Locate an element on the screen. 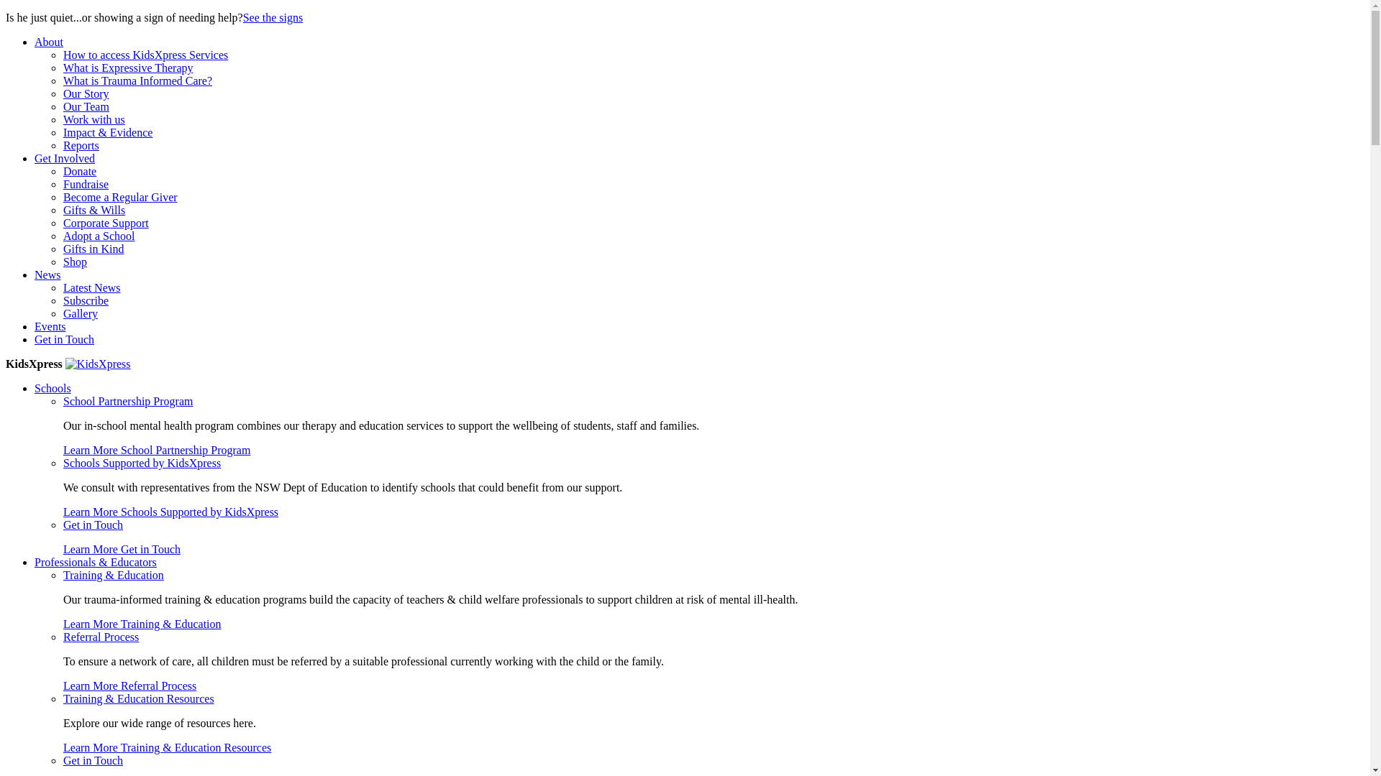  'What is Trauma Informed Care?' is located at coordinates (62, 80).